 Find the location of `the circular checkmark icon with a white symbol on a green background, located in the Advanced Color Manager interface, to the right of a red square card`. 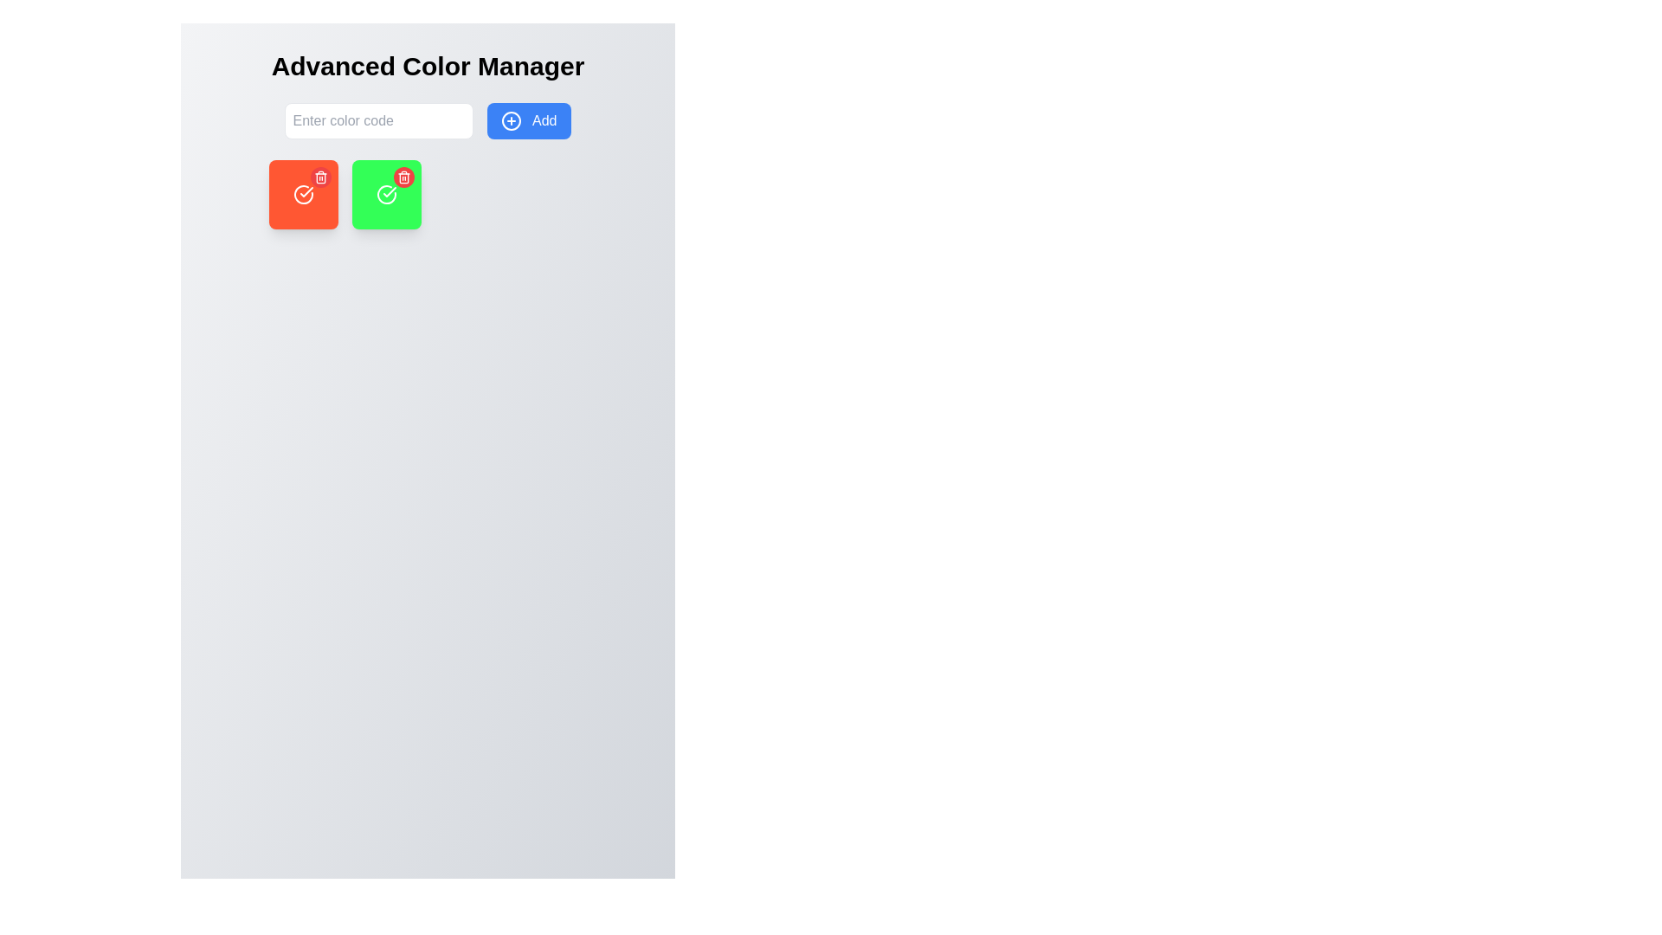

the circular checkmark icon with a white symbol on a green background, located in the Advanced Color Manager interface, to the right of a red square card is located at coordinates (385, 194).